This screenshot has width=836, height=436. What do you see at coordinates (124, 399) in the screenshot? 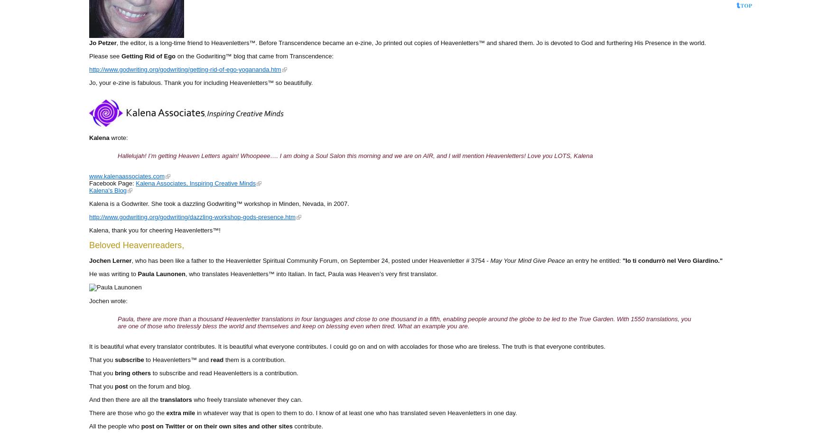
I see `'And then there are all the'` at bounding box center [124, 399].